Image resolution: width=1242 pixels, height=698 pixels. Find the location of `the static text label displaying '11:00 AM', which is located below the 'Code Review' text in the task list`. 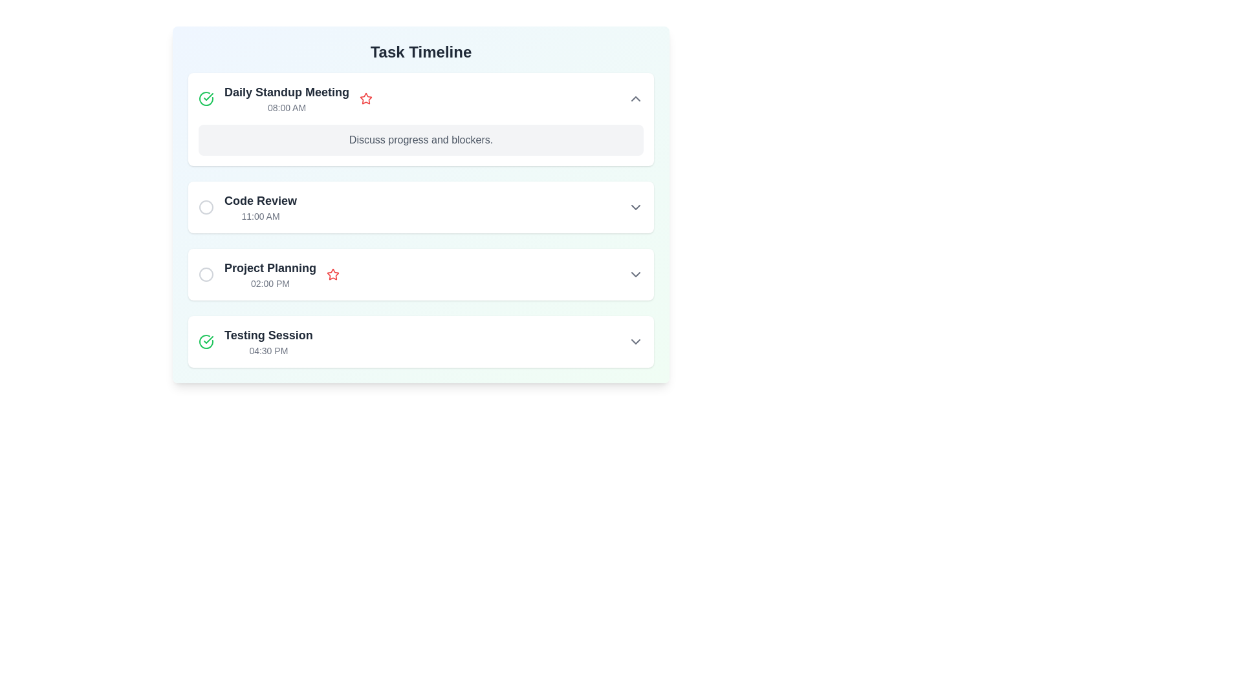

the static text label displaying '11:00 AM', which is located below the 'Code Review' text in the task list is located at coordinates (260, 216).